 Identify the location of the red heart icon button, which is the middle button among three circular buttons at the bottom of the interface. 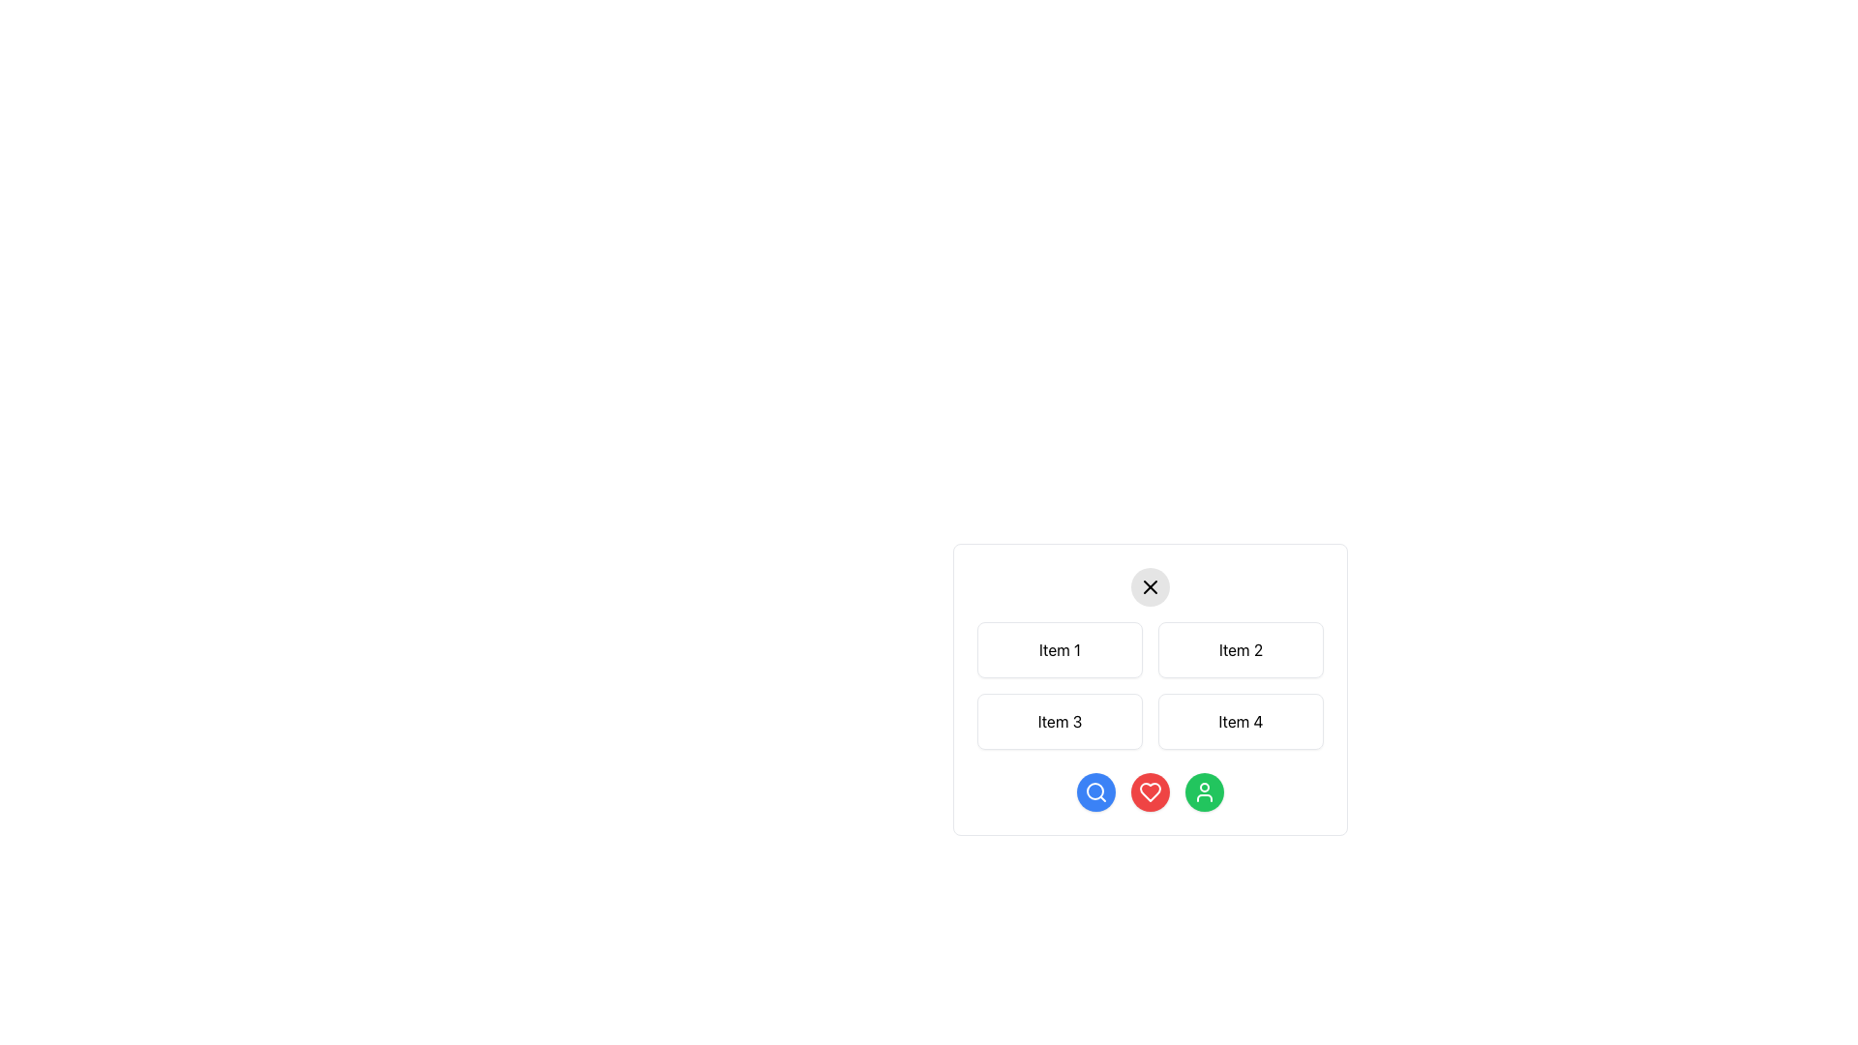
(1151, 791).